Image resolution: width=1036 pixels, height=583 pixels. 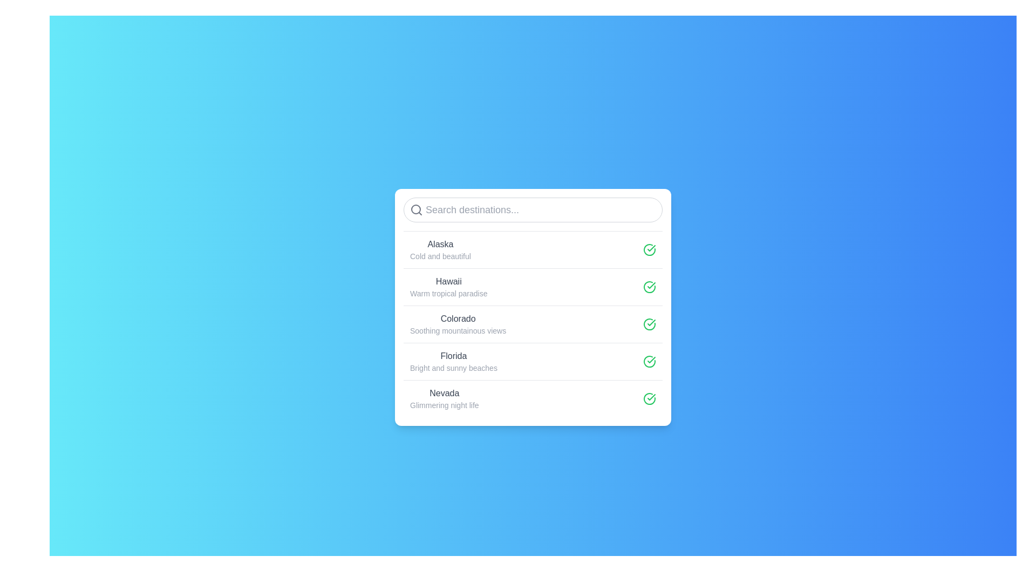 I want to click on the list item titled 'Hawaii' which is the second item in the vertical list of destination options, so click(x=533, y=286).